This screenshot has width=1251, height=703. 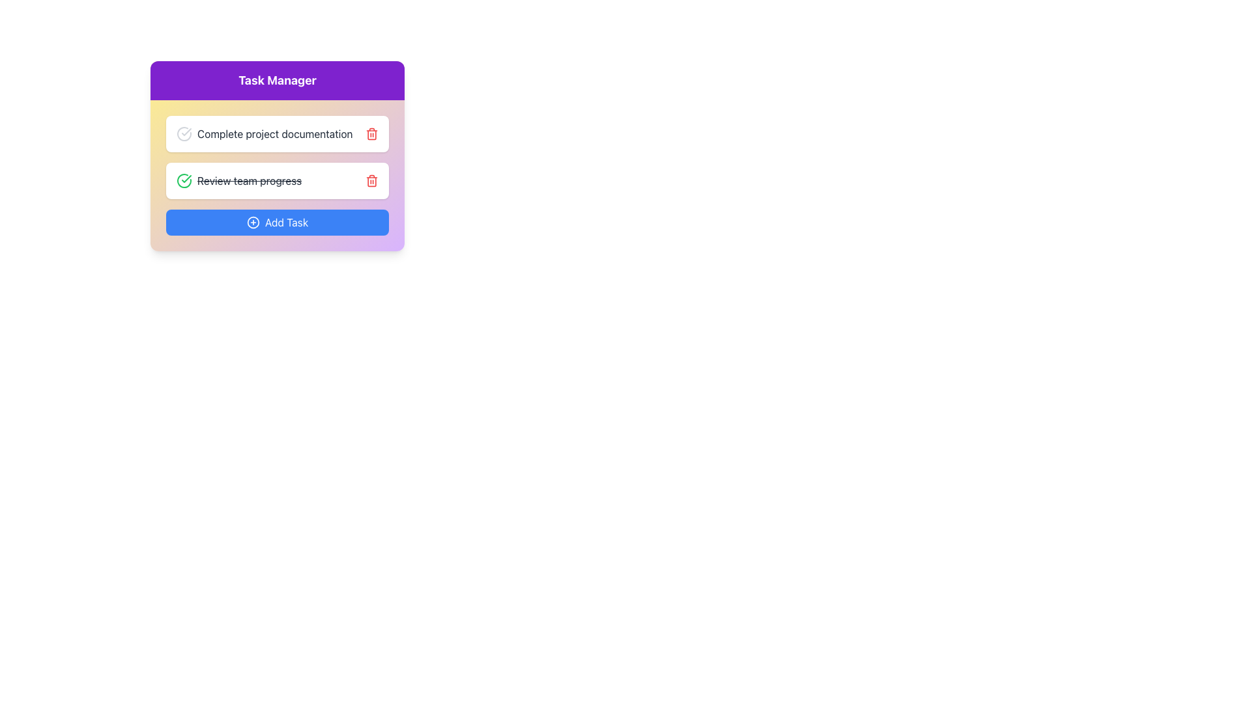 I want to click on the trash bin icon located in the second row of task options, adjacent to the 'Review team progress' task, so click(x=371, y=181).